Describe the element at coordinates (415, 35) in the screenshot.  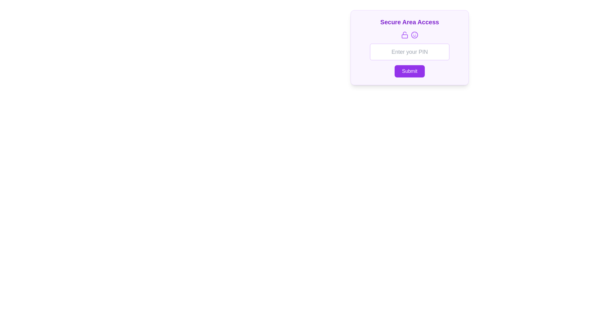
I see `the SVG circle element with a purple outline that is part of the smiley face icon in the 'Secure Area Access' card` at that location.